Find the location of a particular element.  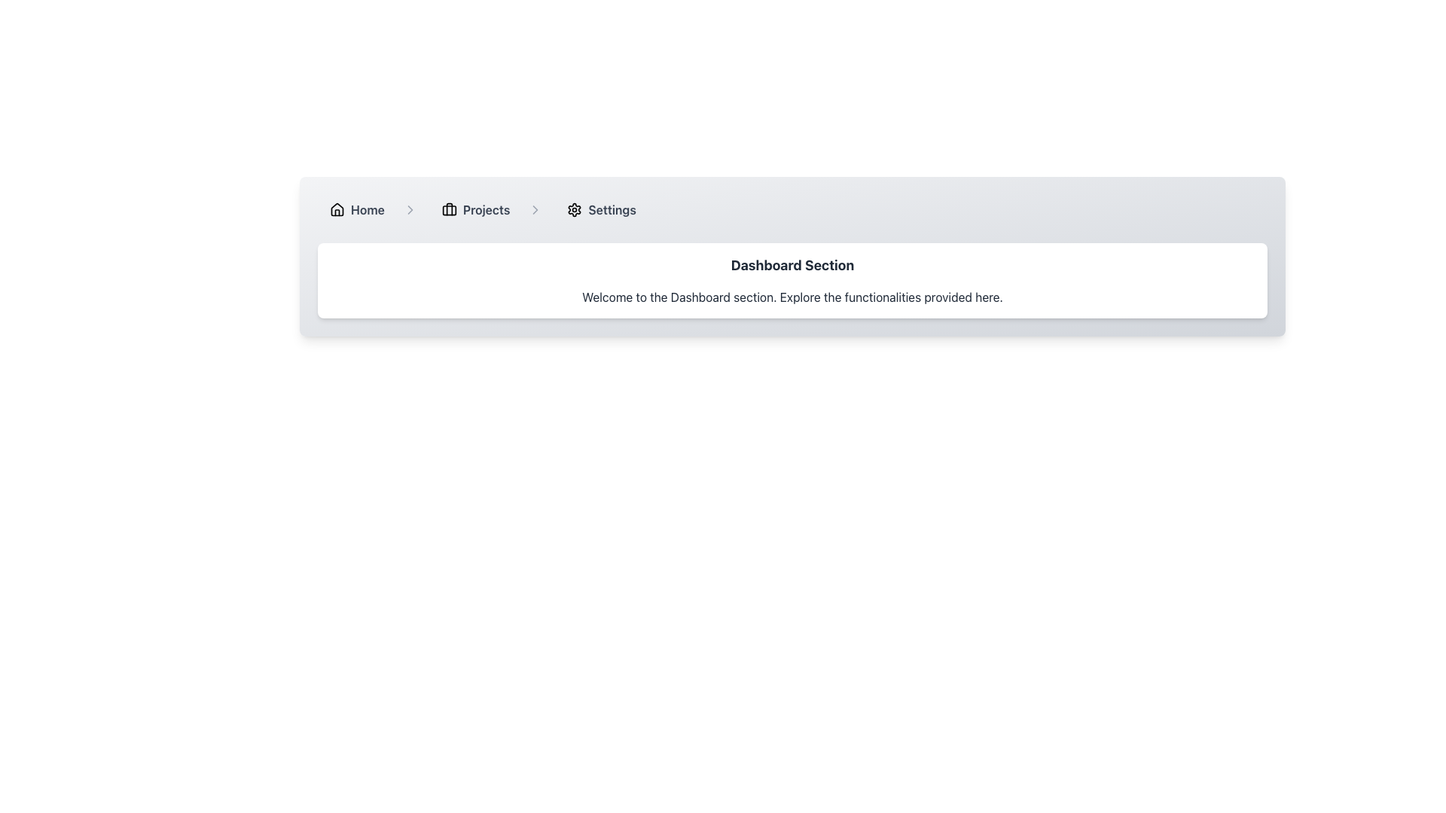

the 'Home' button, which is a horizontally oriented button with a rounded rectangle shape, containing a house icon on the left and the text 'Home' in bold, dark gray on the right is located at coordinates (356, 209).